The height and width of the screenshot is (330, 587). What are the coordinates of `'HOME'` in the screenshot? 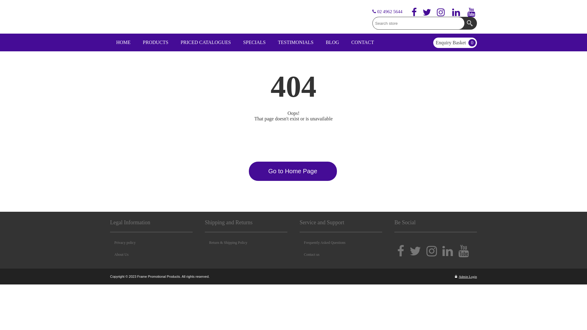 It's located at (110, 42).